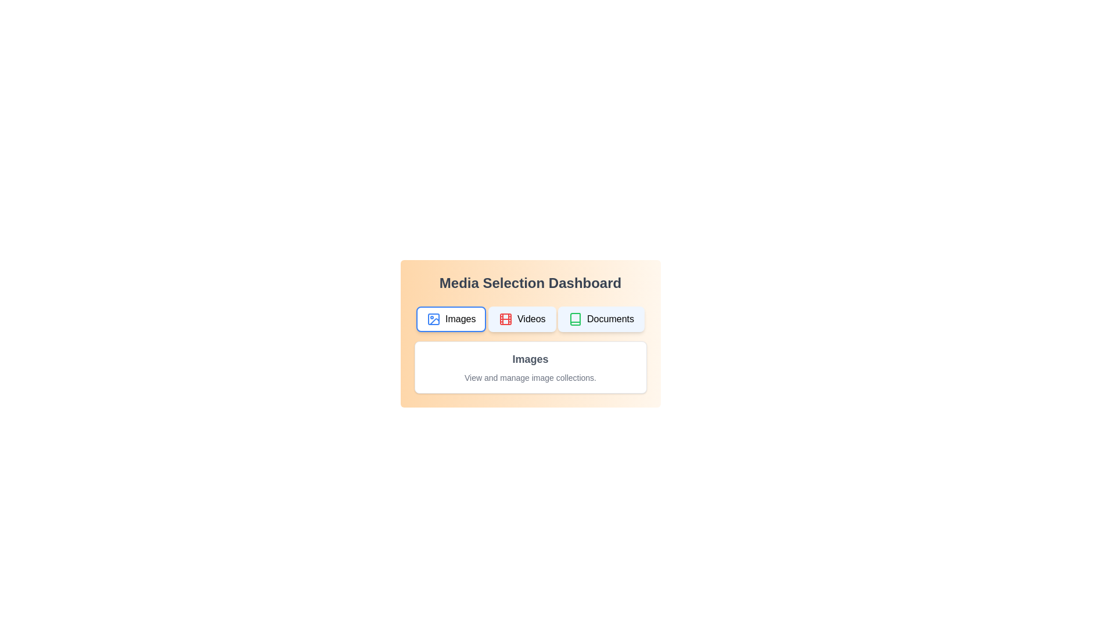  I want to click on the button that navigates to the document management section, located to the right of the 'Videos' button, for visual feedback, so click(601, 319).